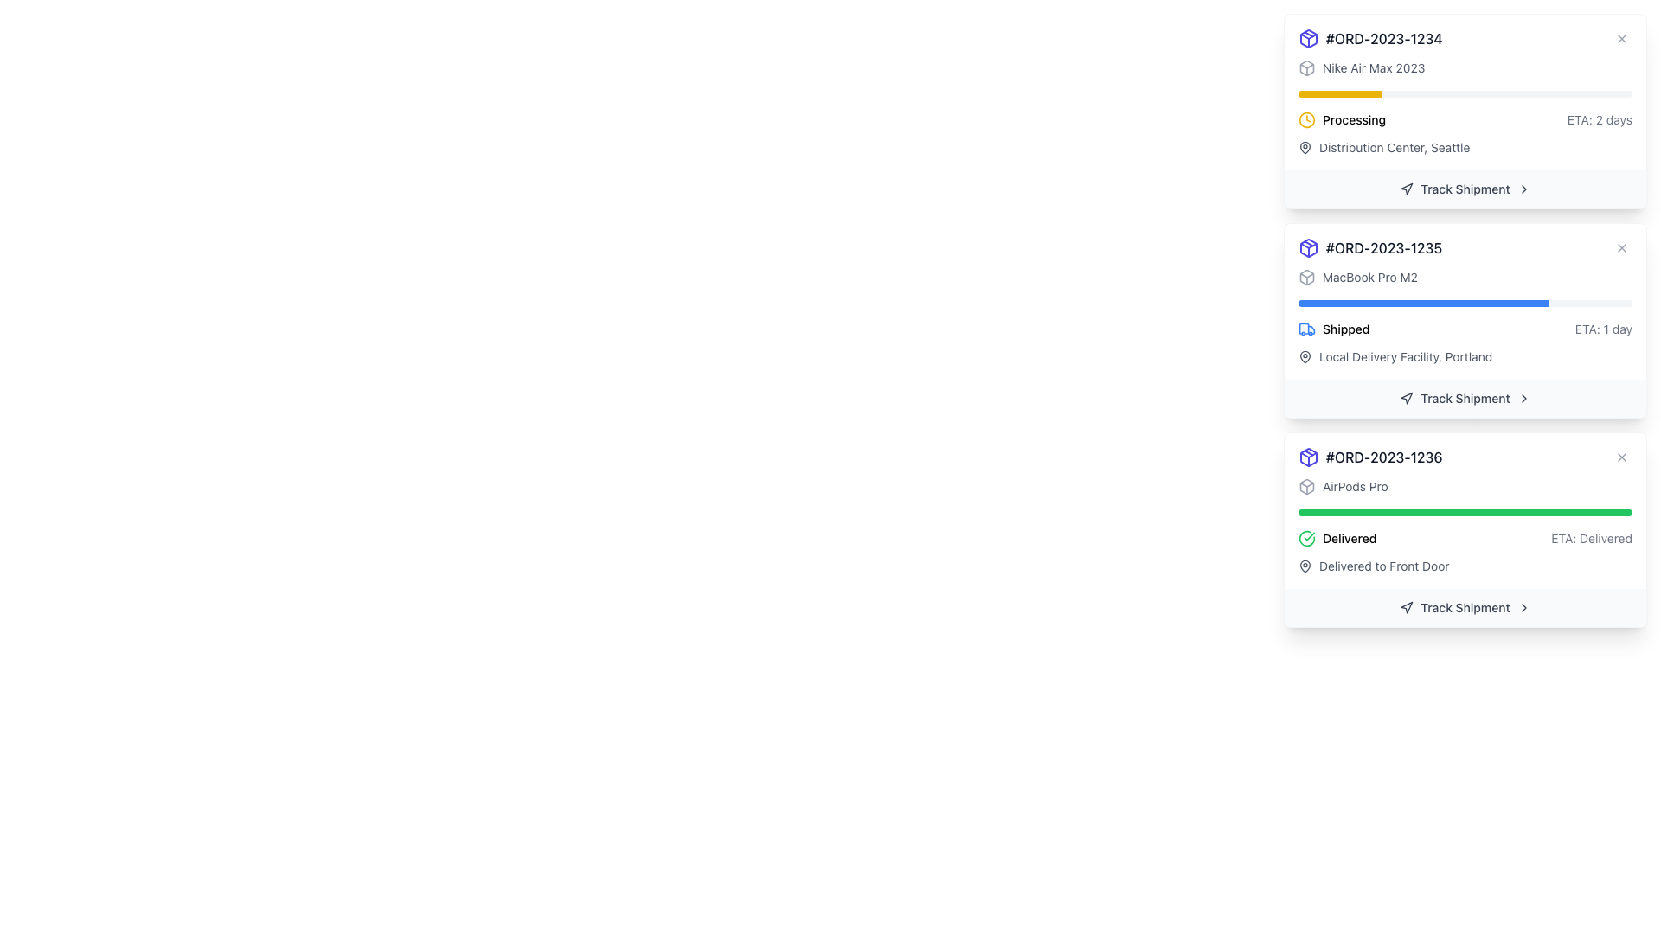  I want to click on the triangular arrowhead element within the SVG graphic located in the top-right corner of the order card, so click(1407, 189).